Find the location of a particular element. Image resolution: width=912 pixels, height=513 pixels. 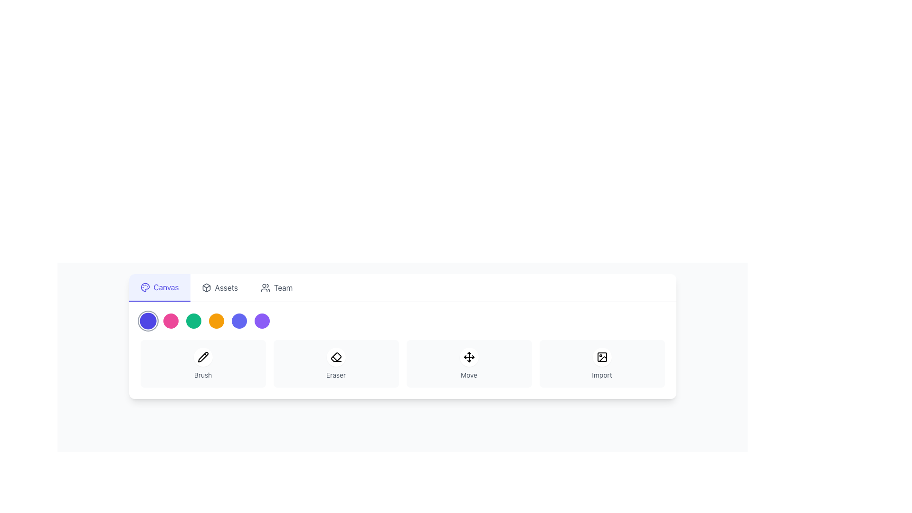

the fifth circular button in the toolbar is located at coordinates (239, 321).